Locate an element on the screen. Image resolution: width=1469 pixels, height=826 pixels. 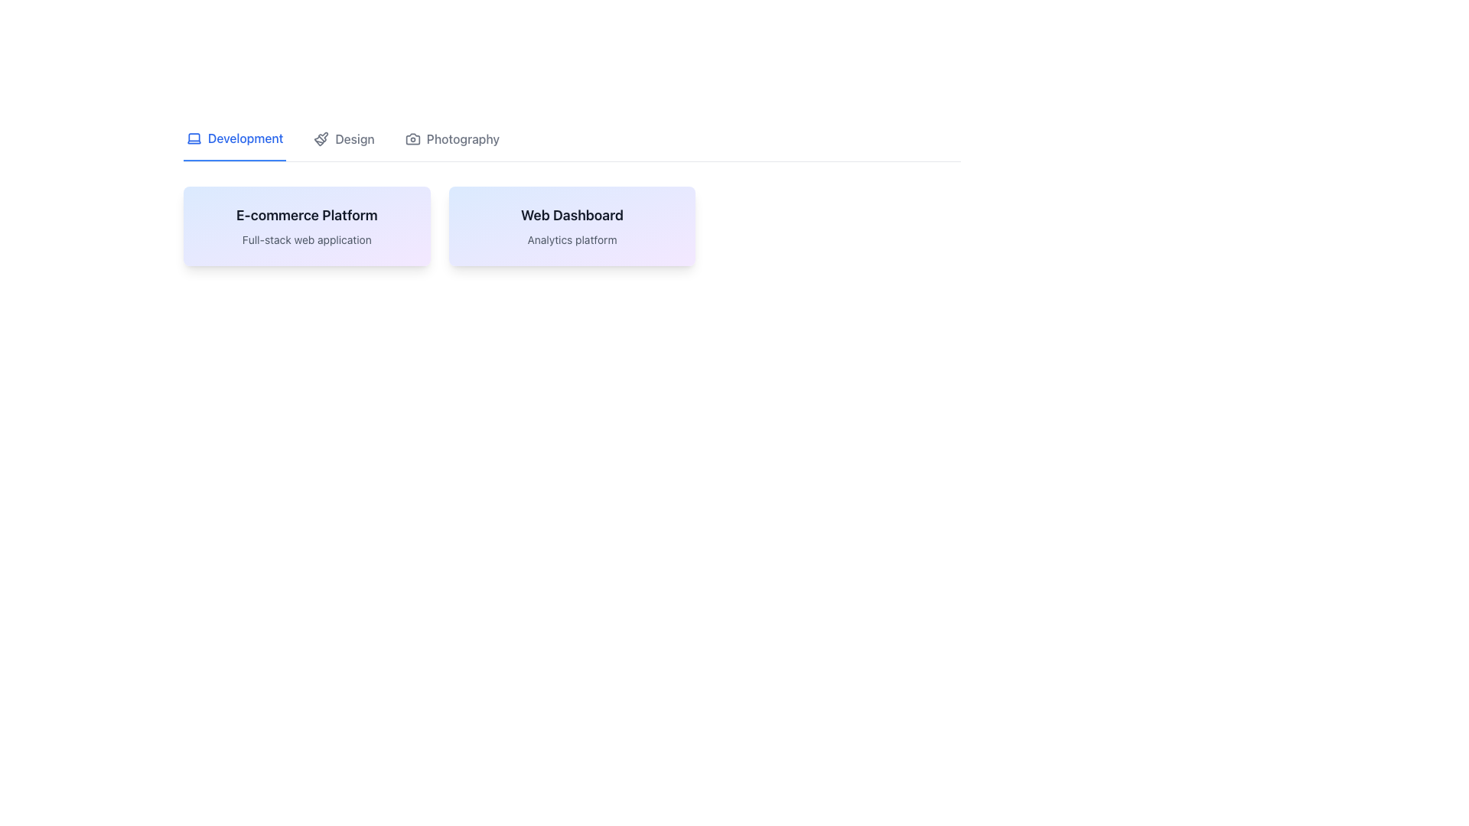
the text label reading 'E-commerce Platform', which is styled with bold semi-large font size and dark grey color, located above the sibling text 'Full-stack web application' is located at coordinates (306, 215).